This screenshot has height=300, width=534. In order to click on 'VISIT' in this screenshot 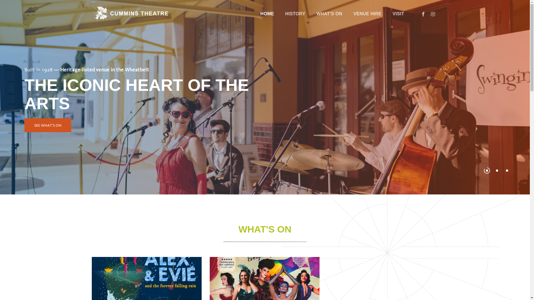, I will do `click(398, 14)`.